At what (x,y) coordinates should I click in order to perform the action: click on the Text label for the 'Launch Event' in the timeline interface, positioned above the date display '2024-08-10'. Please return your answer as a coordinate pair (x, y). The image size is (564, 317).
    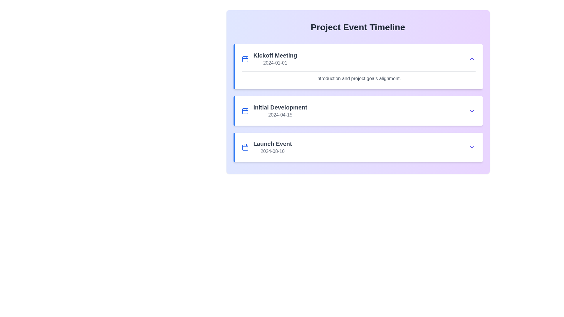
    Looking at the image, I should click on (272, 144).